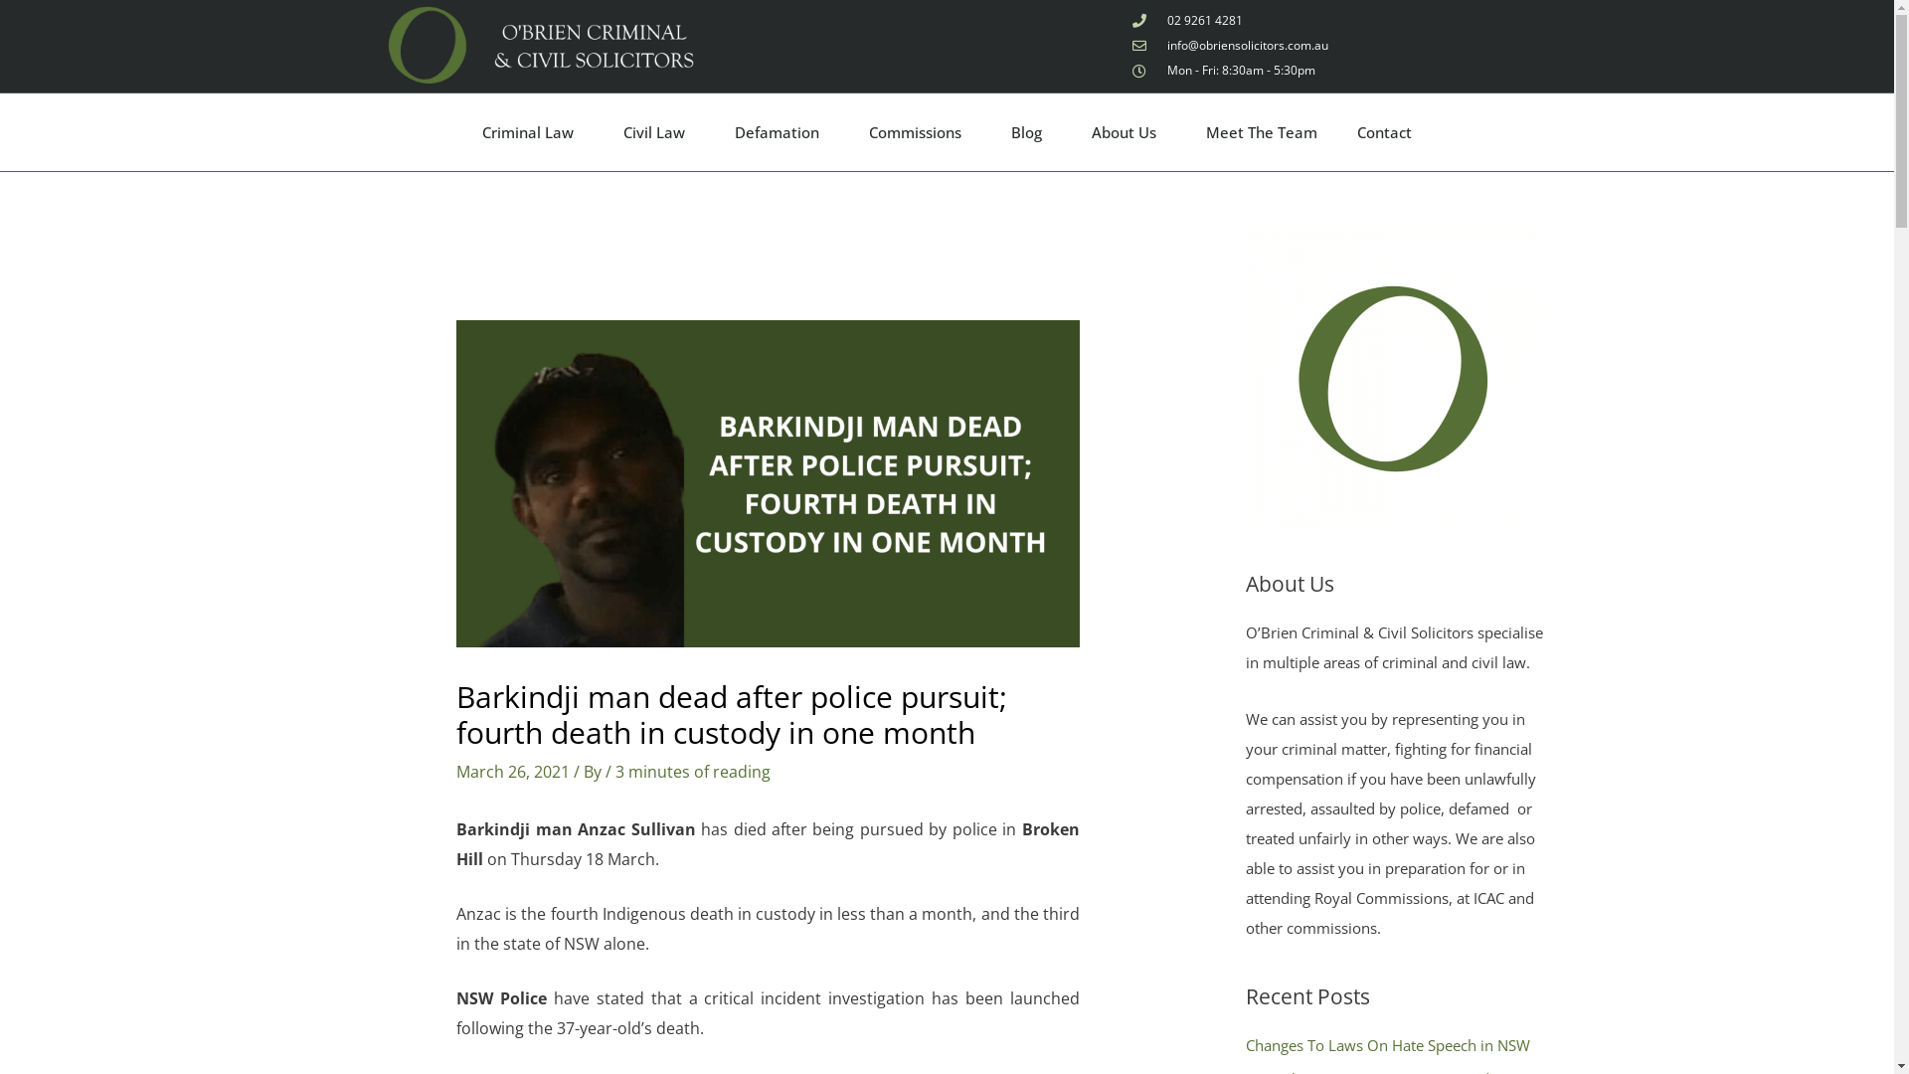 This screenshot has width=1909, height=1074. What do you see at coordinates (1260, 131) in the screenshot?
I see `'Meet The Team'` at bounding box center [1260, 131].